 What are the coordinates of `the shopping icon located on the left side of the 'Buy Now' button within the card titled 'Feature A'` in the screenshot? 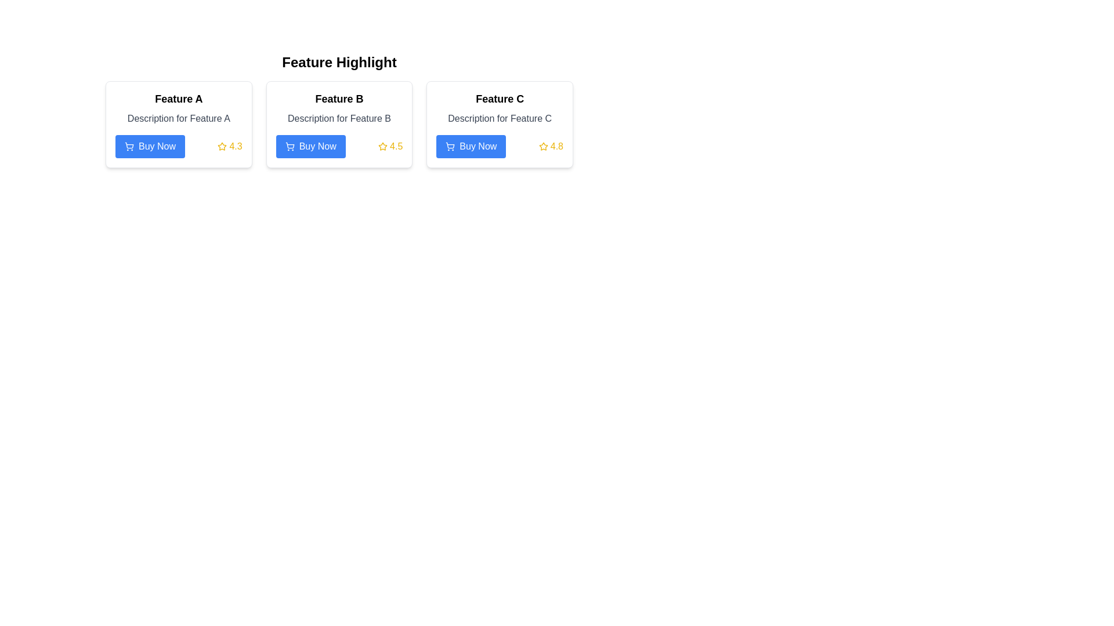 It's located at (129, 146).